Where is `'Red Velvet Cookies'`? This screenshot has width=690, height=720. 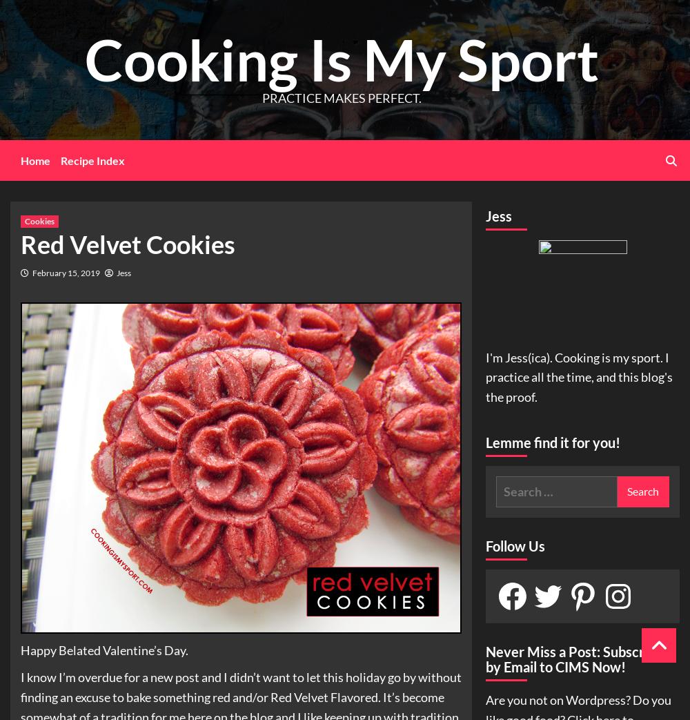
'Red Velvet Cookies' is located at coordinates (128, 242).